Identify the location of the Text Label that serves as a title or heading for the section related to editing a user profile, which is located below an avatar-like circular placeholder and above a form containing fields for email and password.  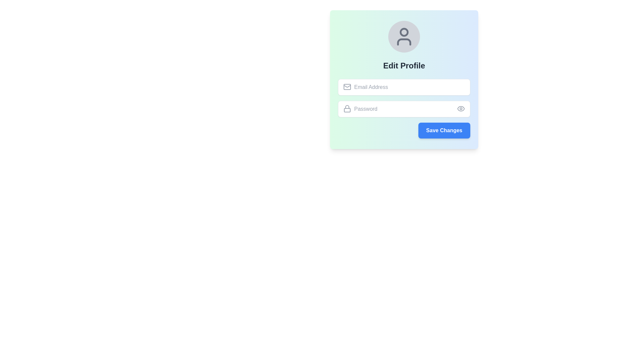
(404, 66).